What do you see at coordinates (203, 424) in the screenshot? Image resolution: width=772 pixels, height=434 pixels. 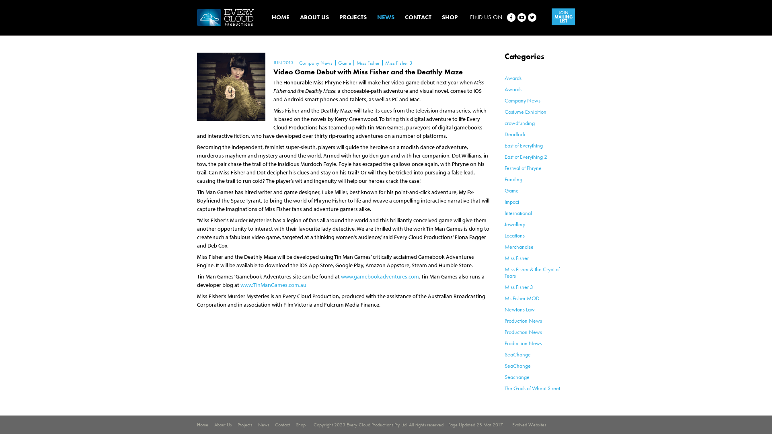 I see `'Home'` at bounding box center [203, 424].